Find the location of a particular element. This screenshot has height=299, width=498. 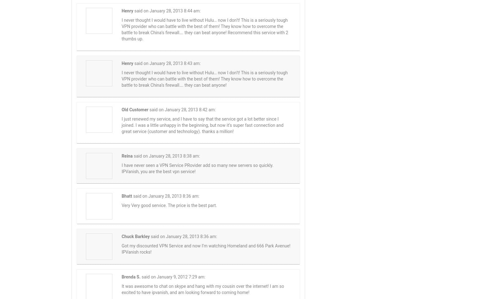

'Reina' is located at coordinates (127, 155).